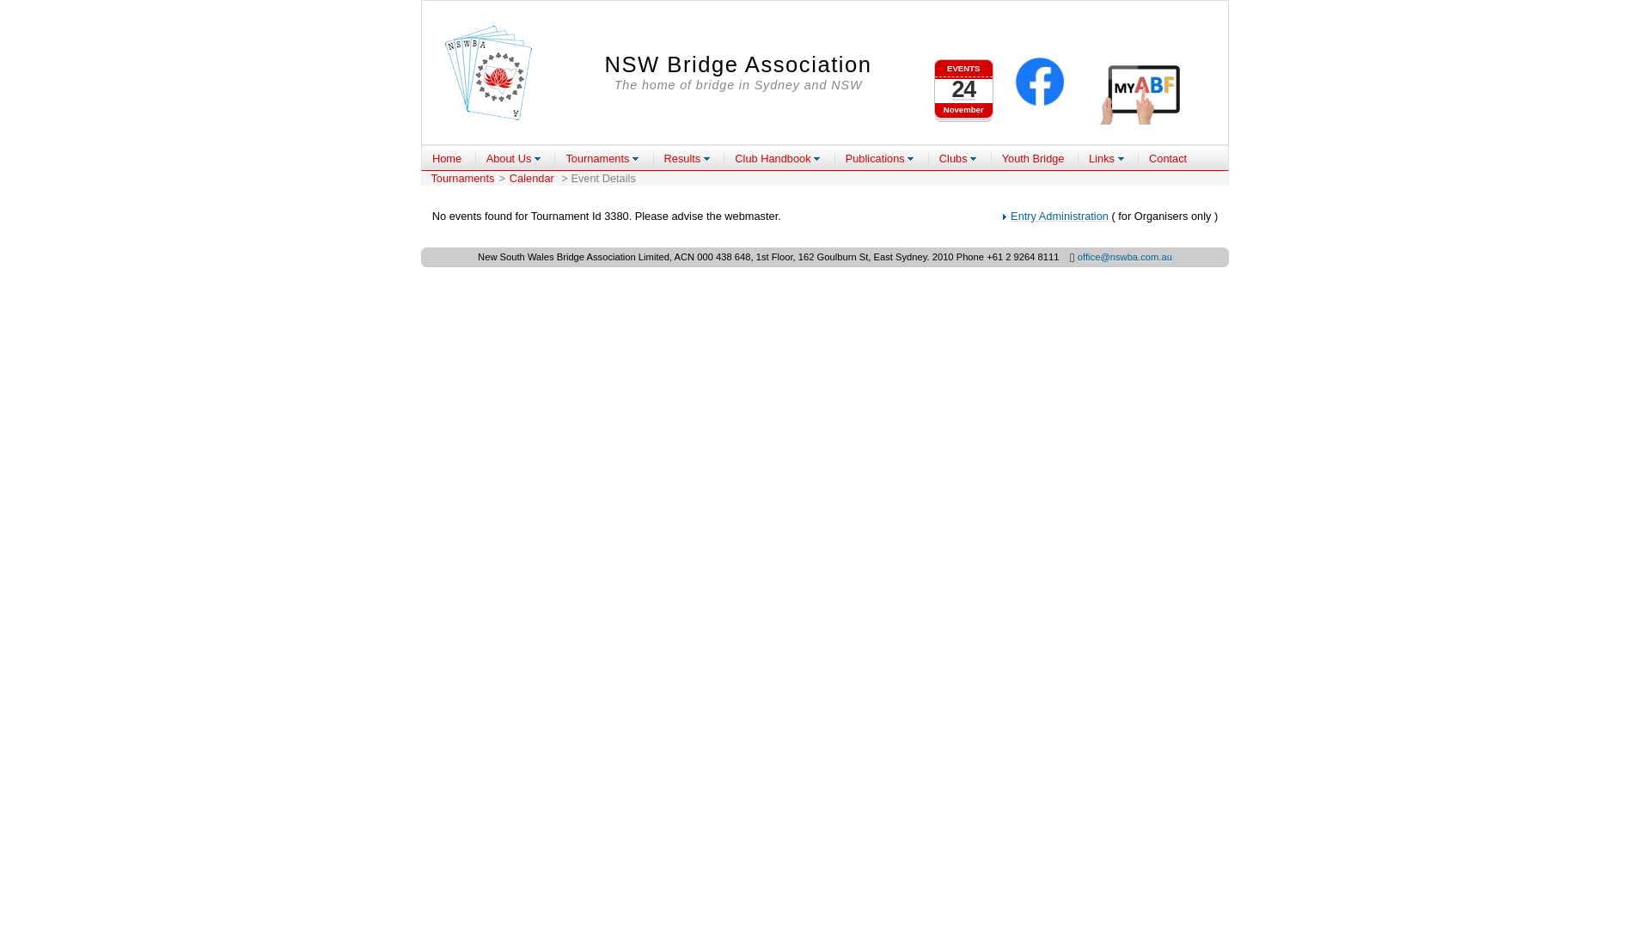 The height and width of the screenshot is (928, 1650). Describe the element at coordinates (687, 158) in the screenshot. I see `'Results'` at that location.